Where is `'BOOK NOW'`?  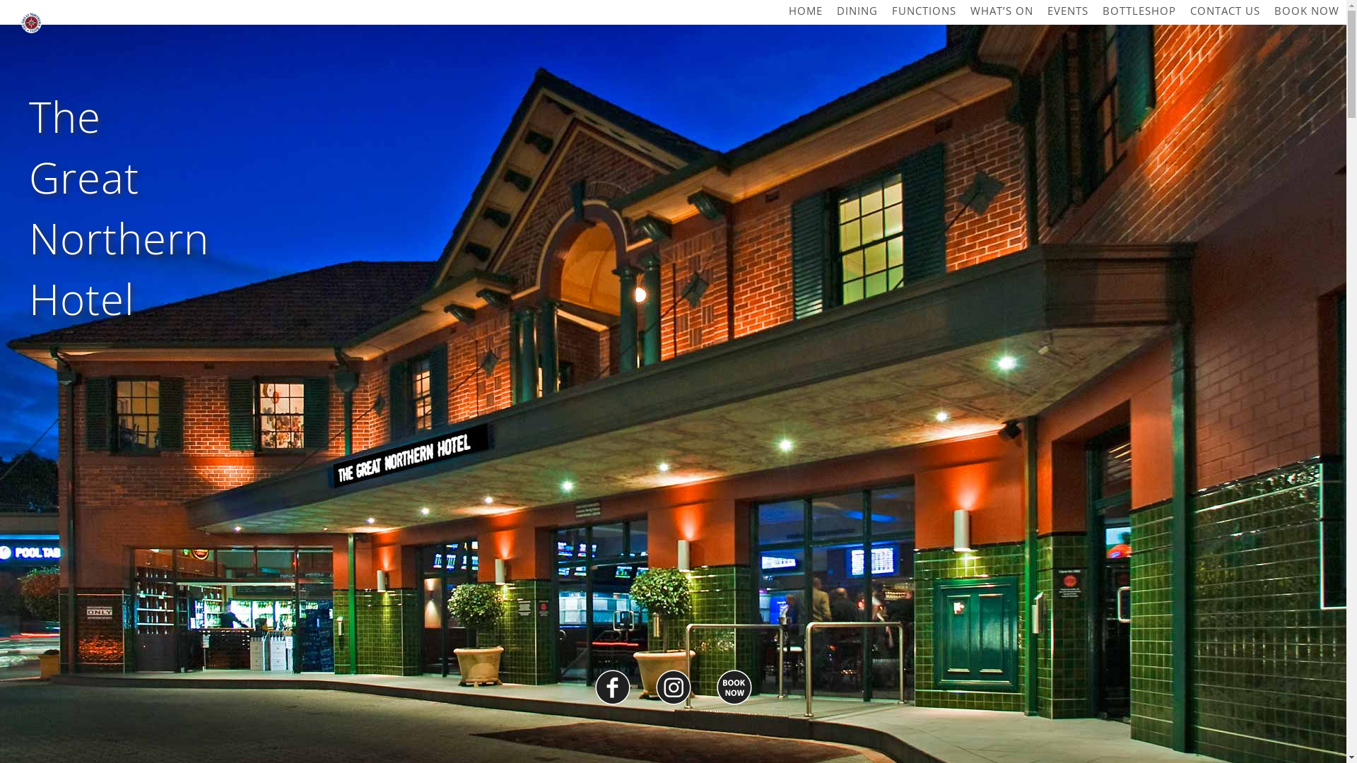 'BOOK NOW' is located at coordinates (1305, 11).